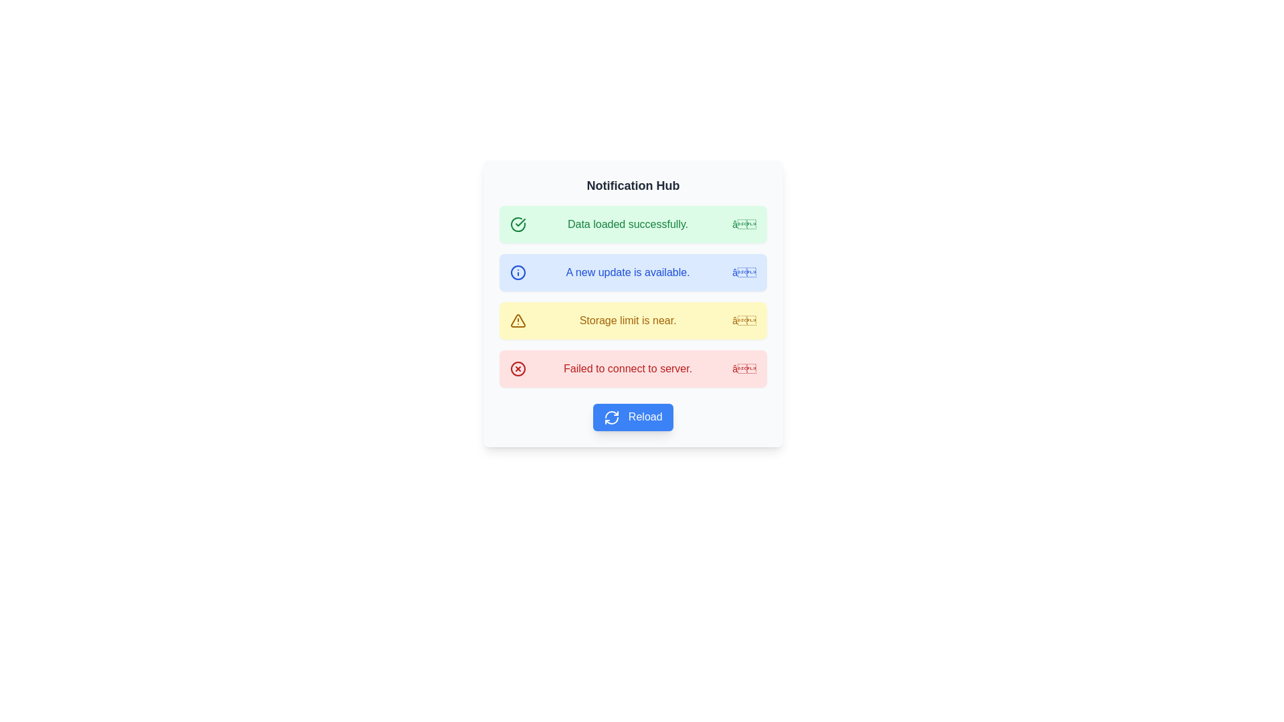  What do you see at coordinates (744, 320) in the screenshot?
I see `the dismiss button located at the rightmost side of the 'Storage limit is near.' notification bar` at bounding box center [744, 320].